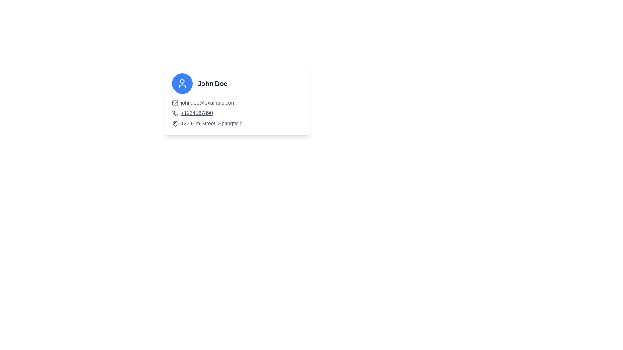 The height and width of the screenshot is (350, 623). Describe the element at coordinates (182, 83) in the screenshot. I see `the user icon, which is a simplistic SVG depiction of a person surrounded by a blue circular background, located in the top-left corner of the white card interface` at that location.